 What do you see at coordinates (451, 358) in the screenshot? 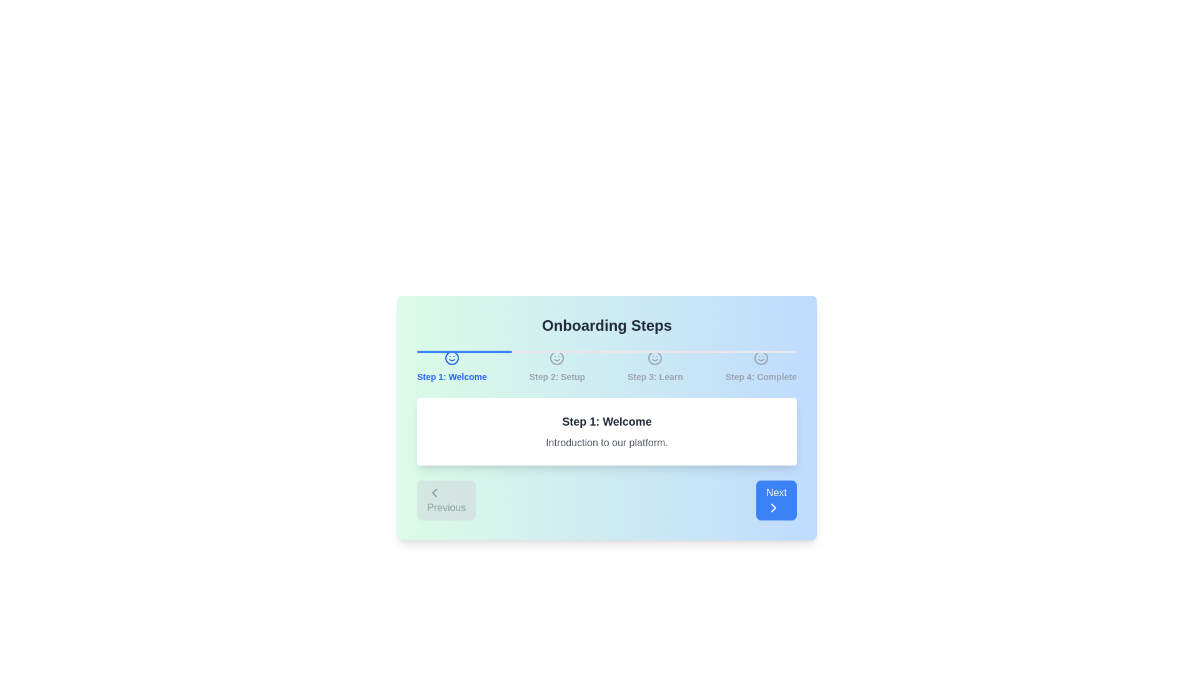
I see `the state of the first circular SVG graphic icon resembling a smiling face located in the top row of the onboarding section above the text 'Step 1: Welcome'` at bounding box center [451, 358].